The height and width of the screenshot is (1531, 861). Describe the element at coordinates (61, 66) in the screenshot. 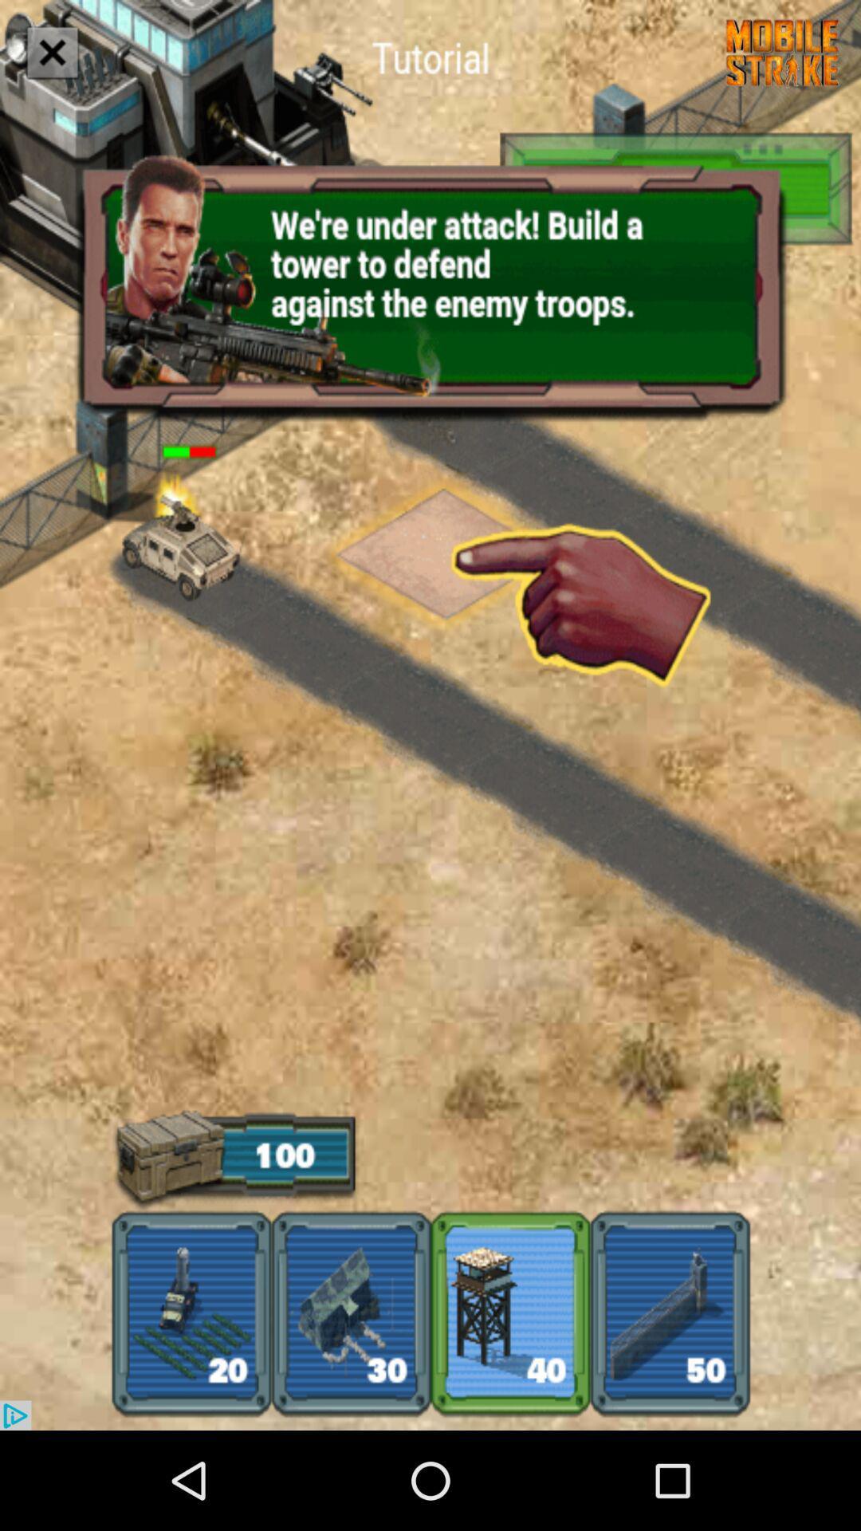

I see `the close icon` at that location.